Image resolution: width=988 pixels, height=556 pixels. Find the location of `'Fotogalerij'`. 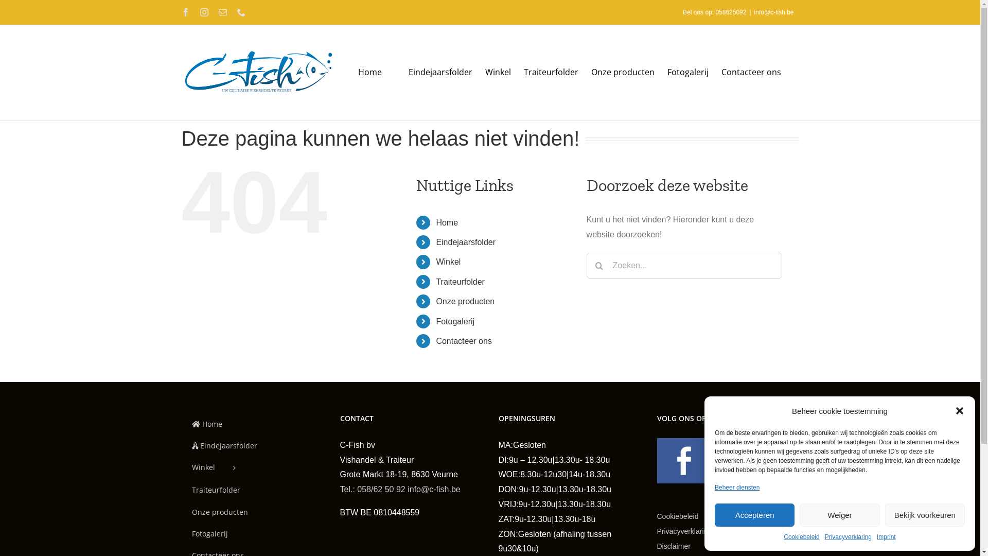

'Fotogalerij' is located at coordinates (687, 71).